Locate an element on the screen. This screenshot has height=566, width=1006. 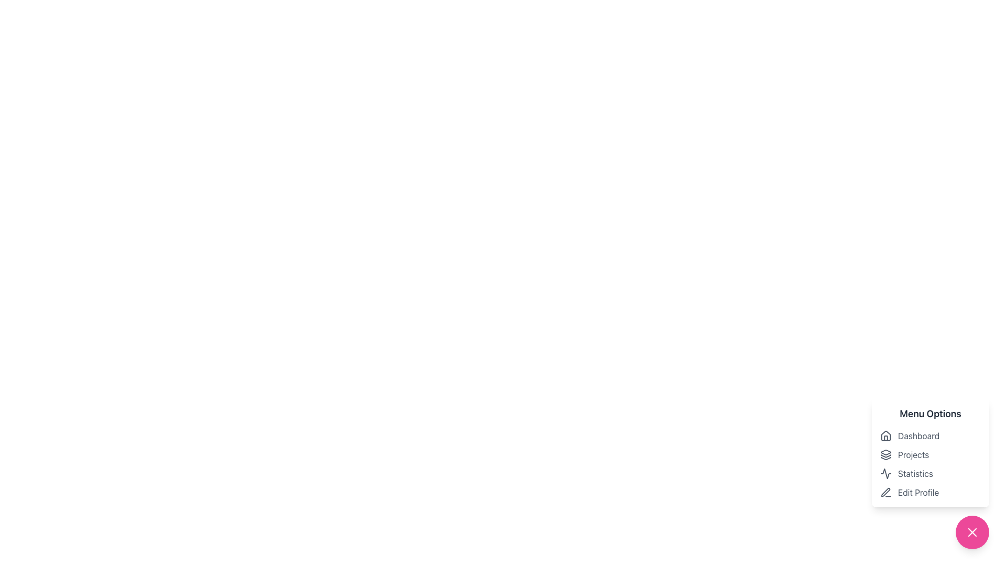
the 'Menu Options' dropdown menu element is located at coordinates (931, 452).